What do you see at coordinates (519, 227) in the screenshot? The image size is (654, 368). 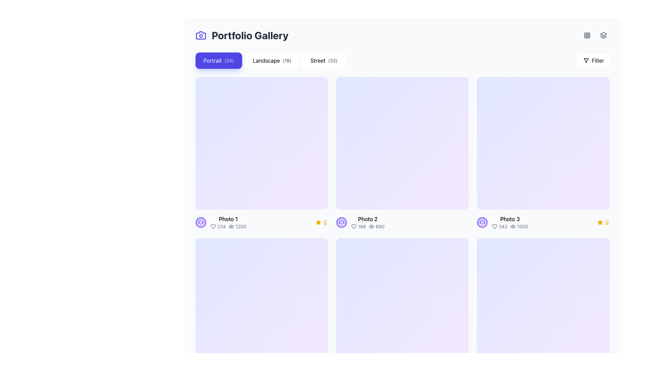 I see `the view count indicator element located beneath the image in the third picture panel of the last row in the grid layout` at bounding box center [519, 227].